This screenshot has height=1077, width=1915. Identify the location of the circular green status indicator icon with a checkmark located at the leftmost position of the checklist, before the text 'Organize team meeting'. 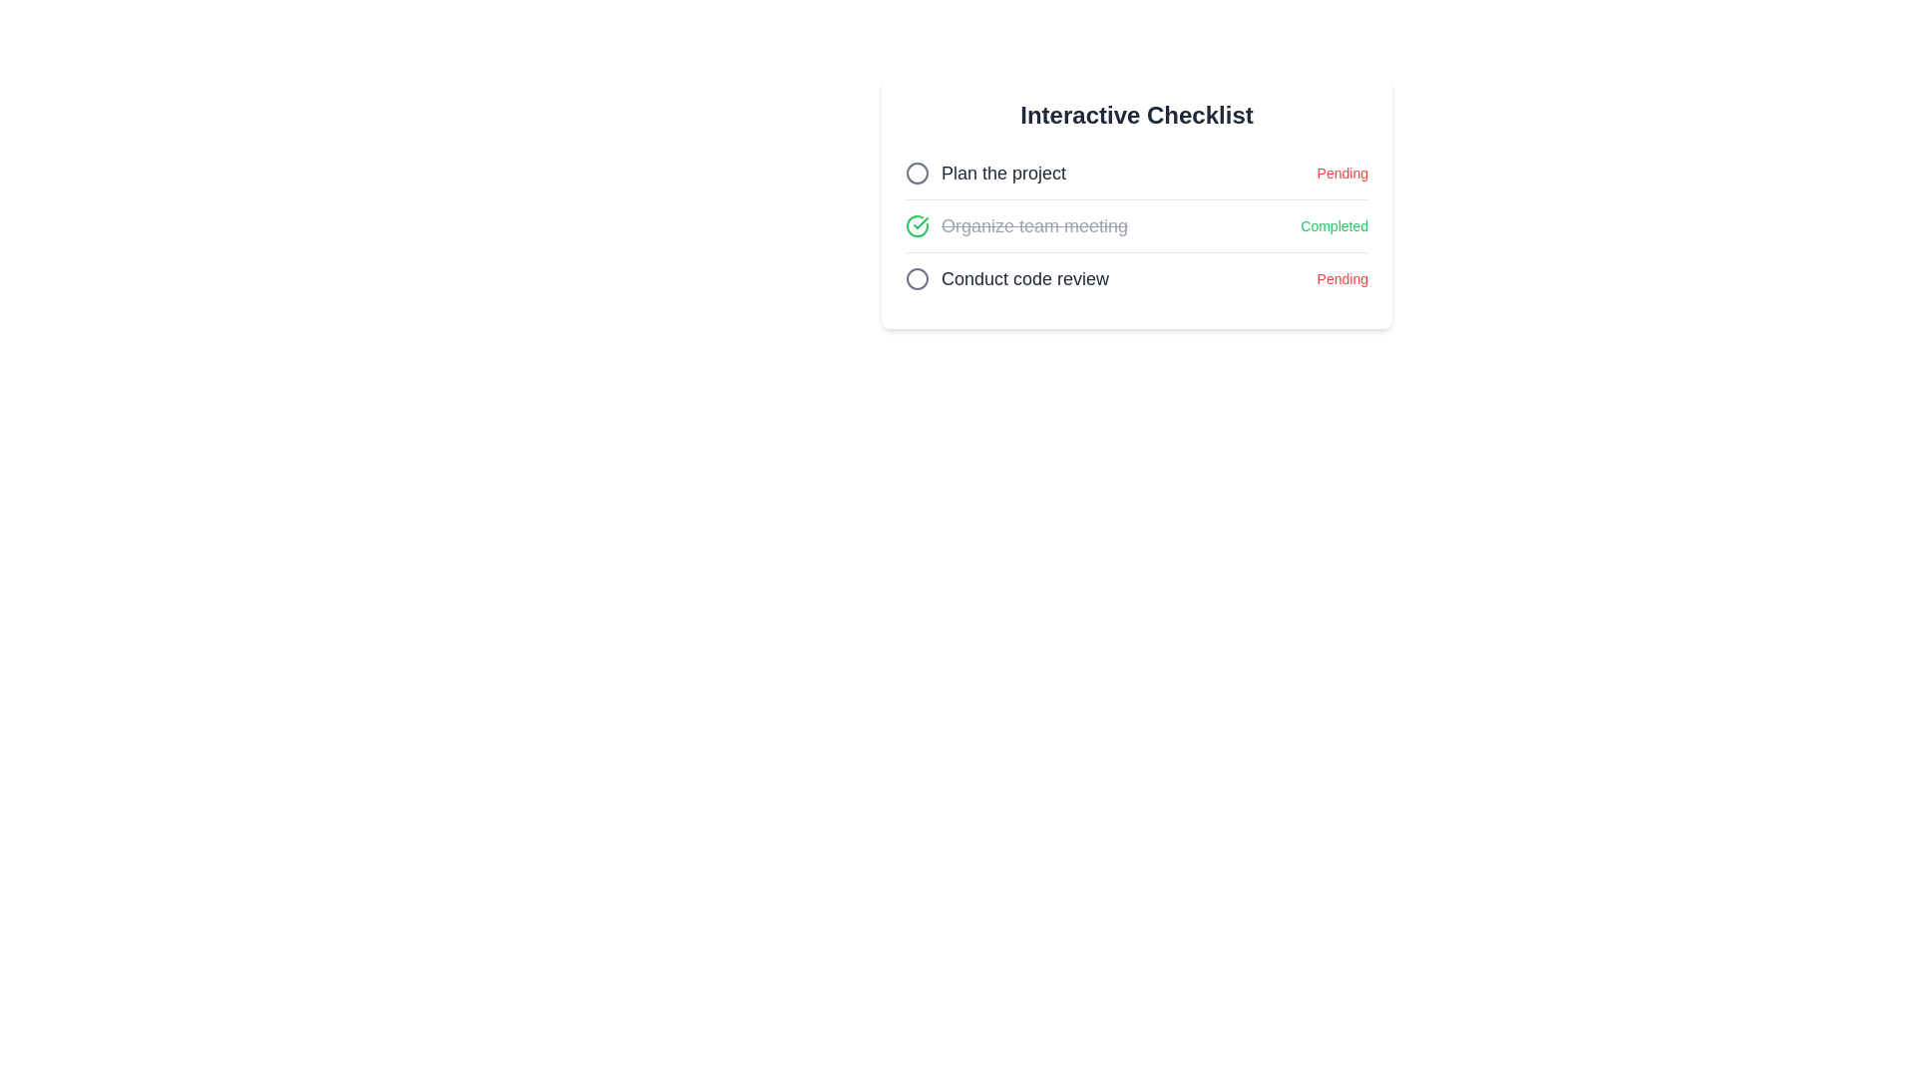
(917, 225).